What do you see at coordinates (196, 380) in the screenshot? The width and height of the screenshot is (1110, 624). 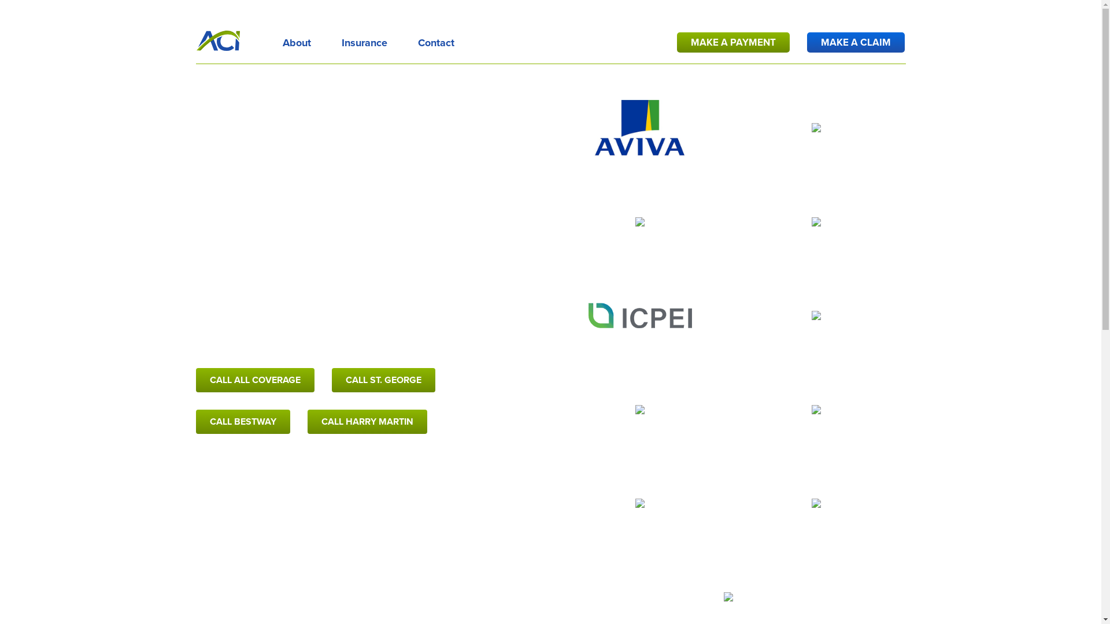 I see `'CALL ALL COVERAGE'` at bounding box center [196, 380].